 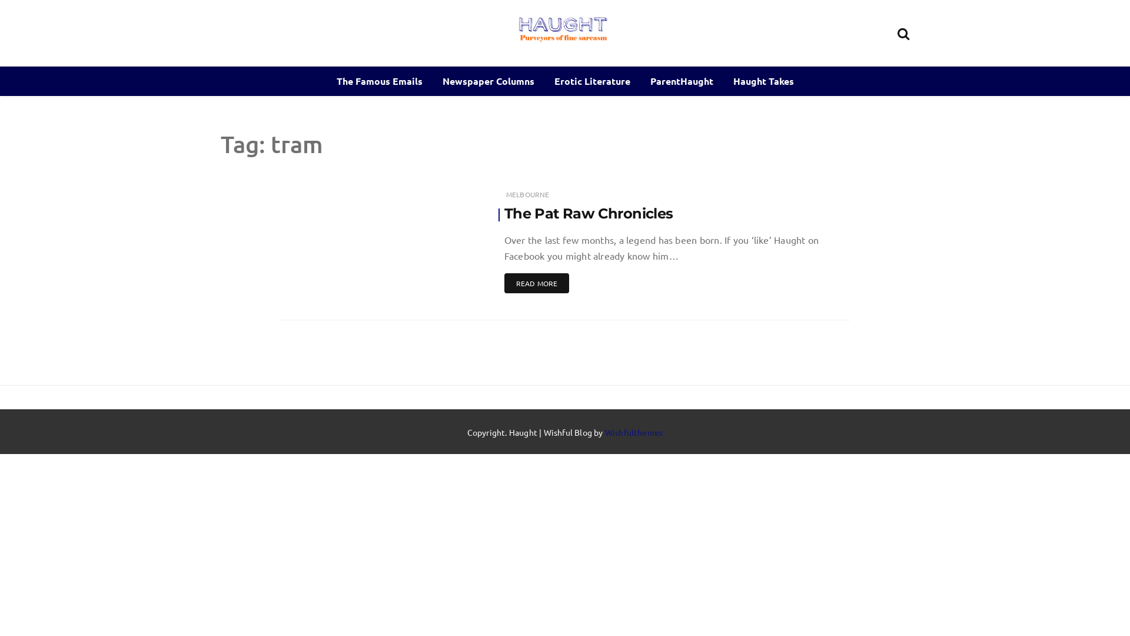 What do you see at coordinates (682, 81) in the screenshot?
I see `'ParentHaught'` at bounding box center [682, 81].